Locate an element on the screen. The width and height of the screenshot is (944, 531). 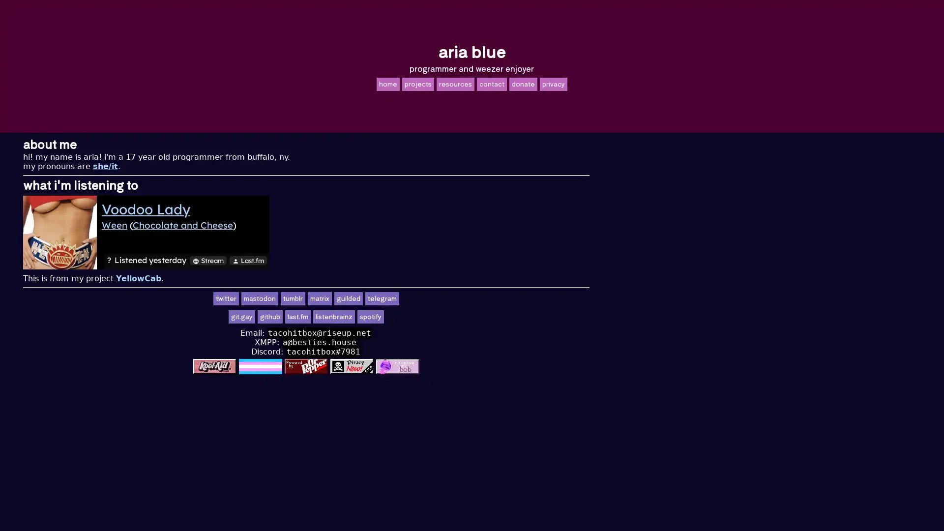
contact is located at coordinates (491, 83).